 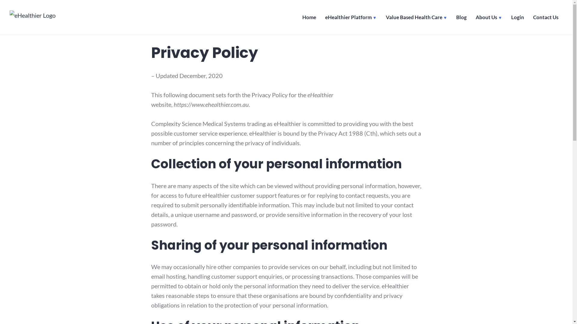 I want to click on 'eHealthier Platform', so click(x=325, y=18).